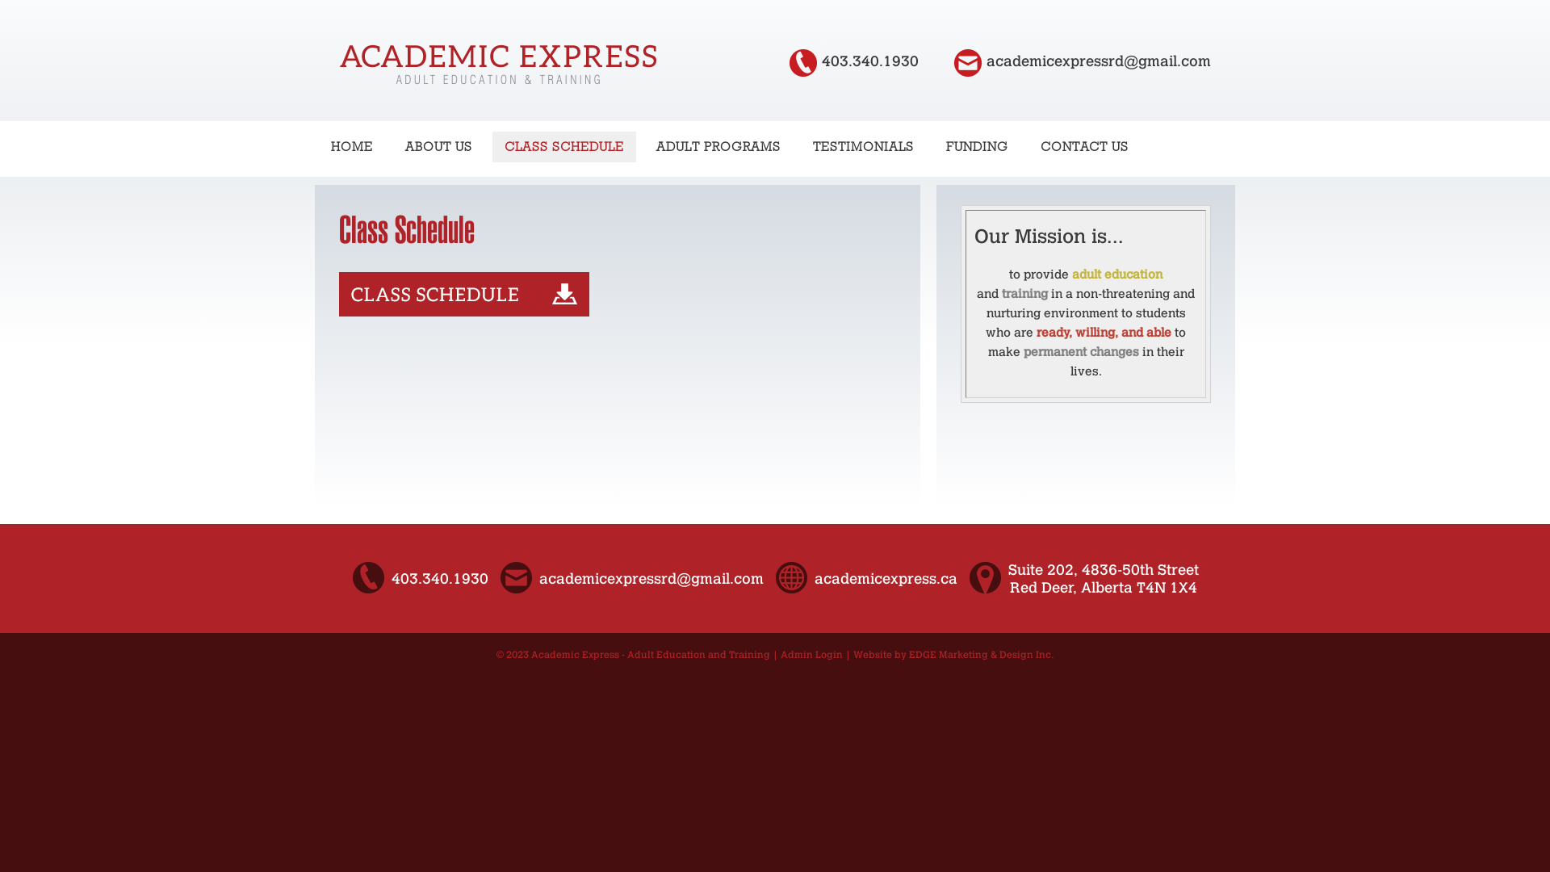 The width and height of the screenshot is (1550, 872). Describe the element at coordinates (801, 146) in the screenshot. I see `'TESTIMONIALS'` at that location.